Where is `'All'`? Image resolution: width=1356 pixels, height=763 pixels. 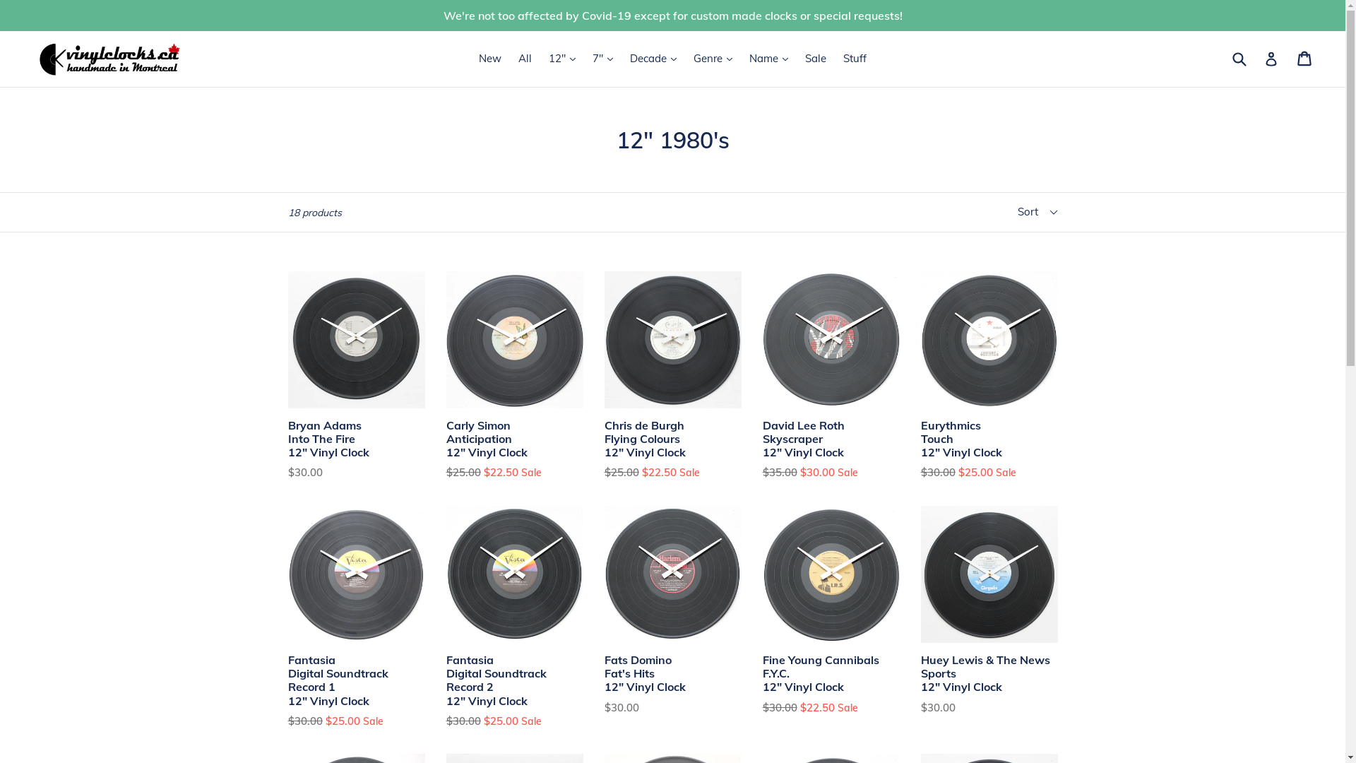 'All' is located at coordinates (511, 58).